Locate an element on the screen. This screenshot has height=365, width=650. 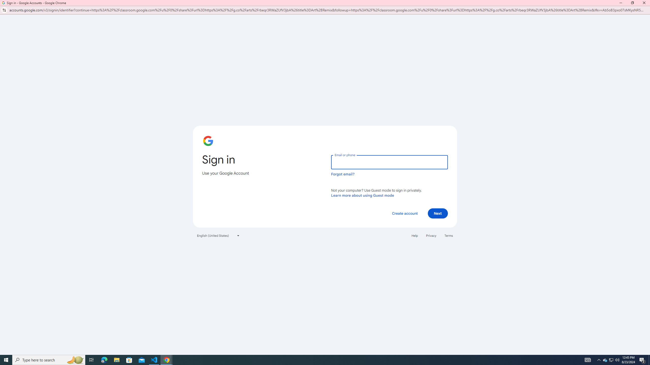
'Email or phone' is located at coordinates (389, 162).